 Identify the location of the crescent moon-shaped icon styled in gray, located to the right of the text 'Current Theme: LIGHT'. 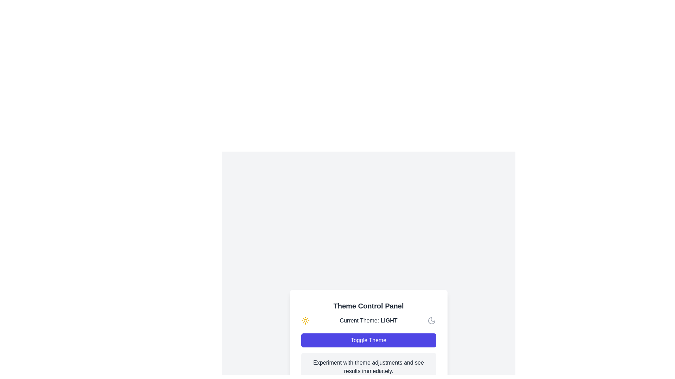
(431, 321).